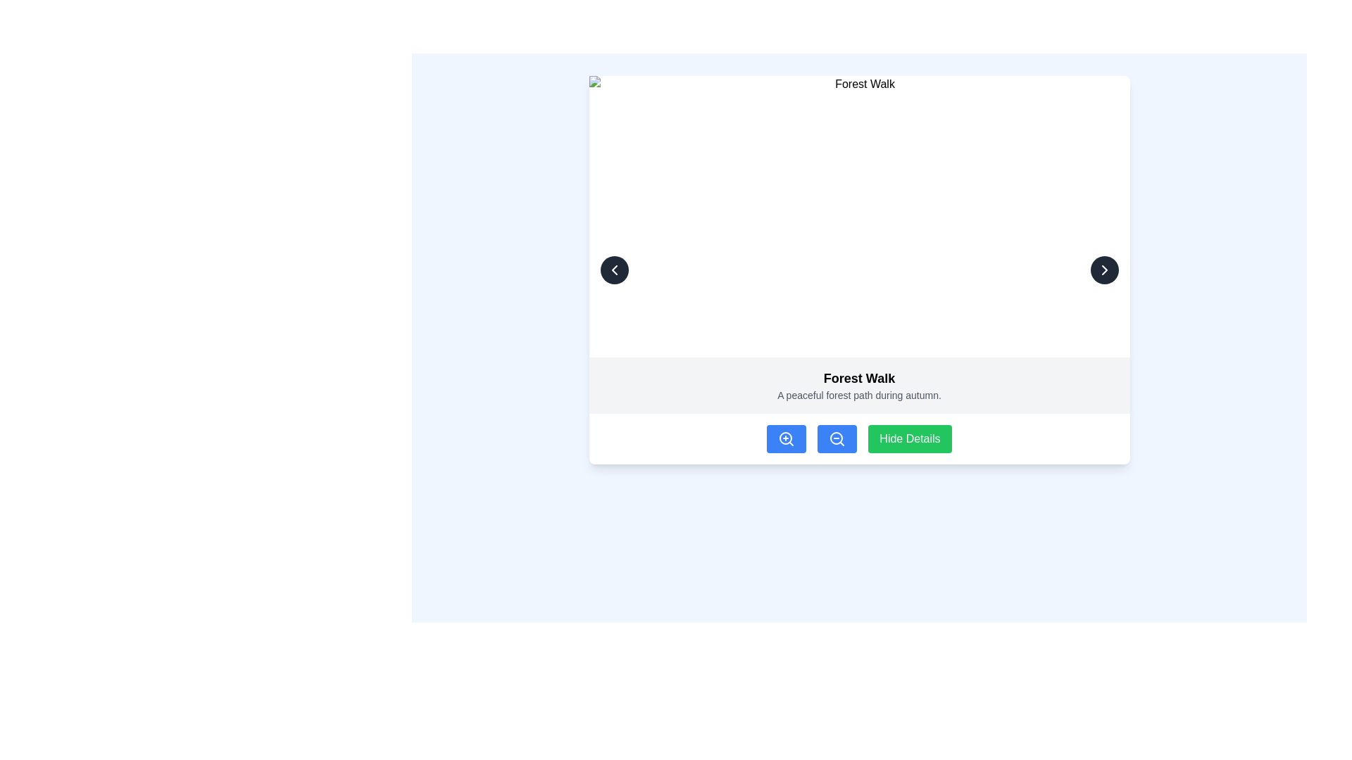  Describe the element at coordinates (1103, 270) in the screenshot. I see `the right-facing chevron icon located at the center of a circular button with a dark background` at that location.